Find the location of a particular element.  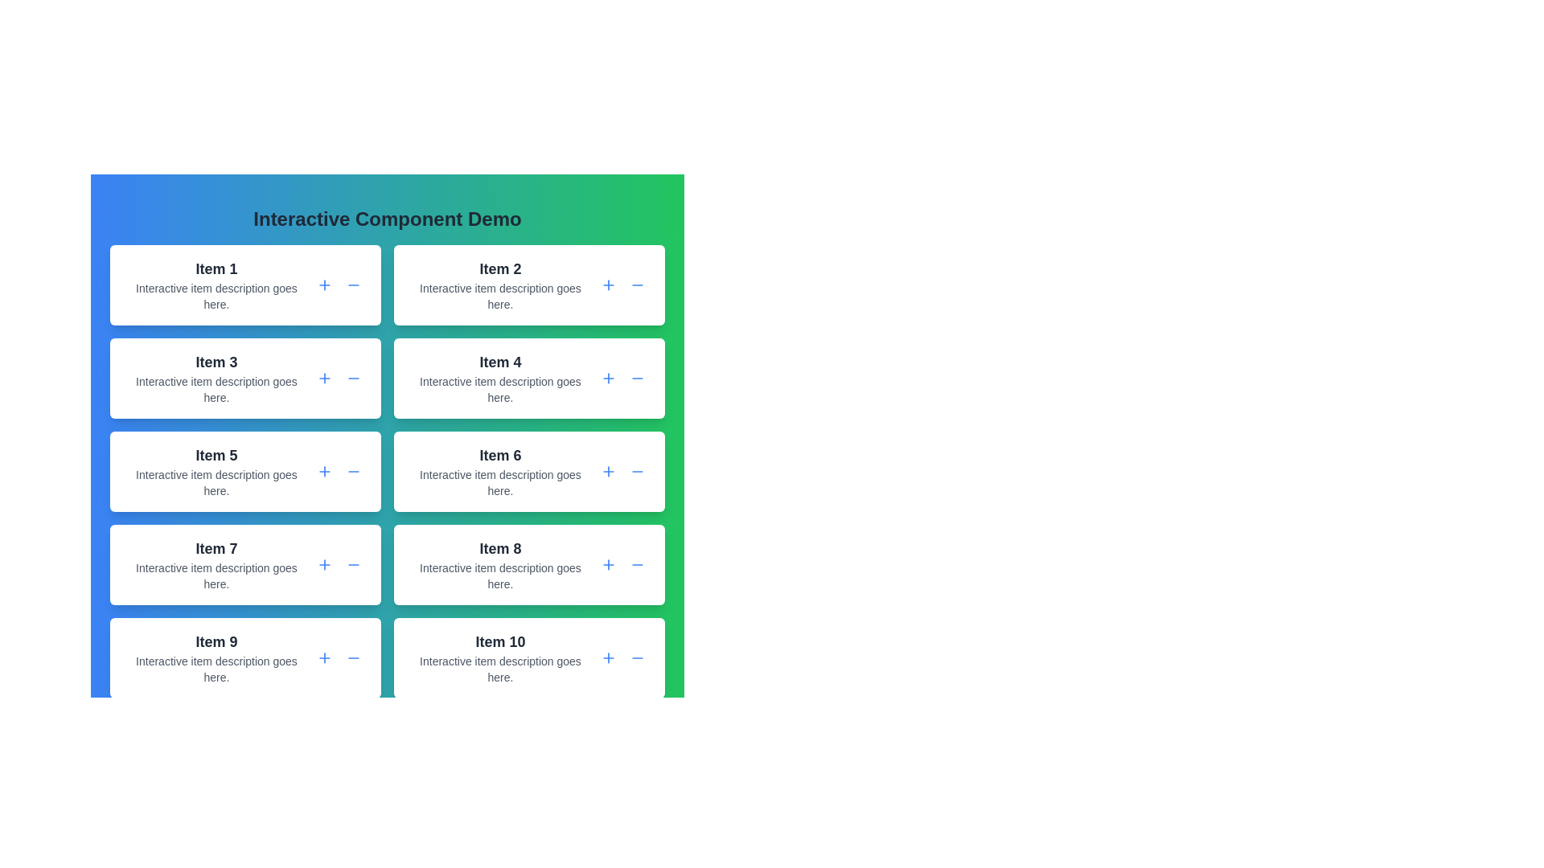

the static text display element labeled 'Item 7' that contains the description 'Interactive item description goes here.' is located at coordinates (216, 563).